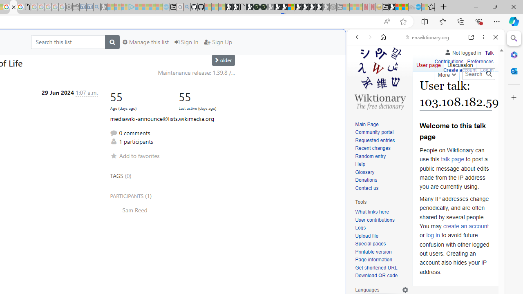 The height and width of the screenshot is (294, 523). I want to click on 'What links here', so click(371, 212).